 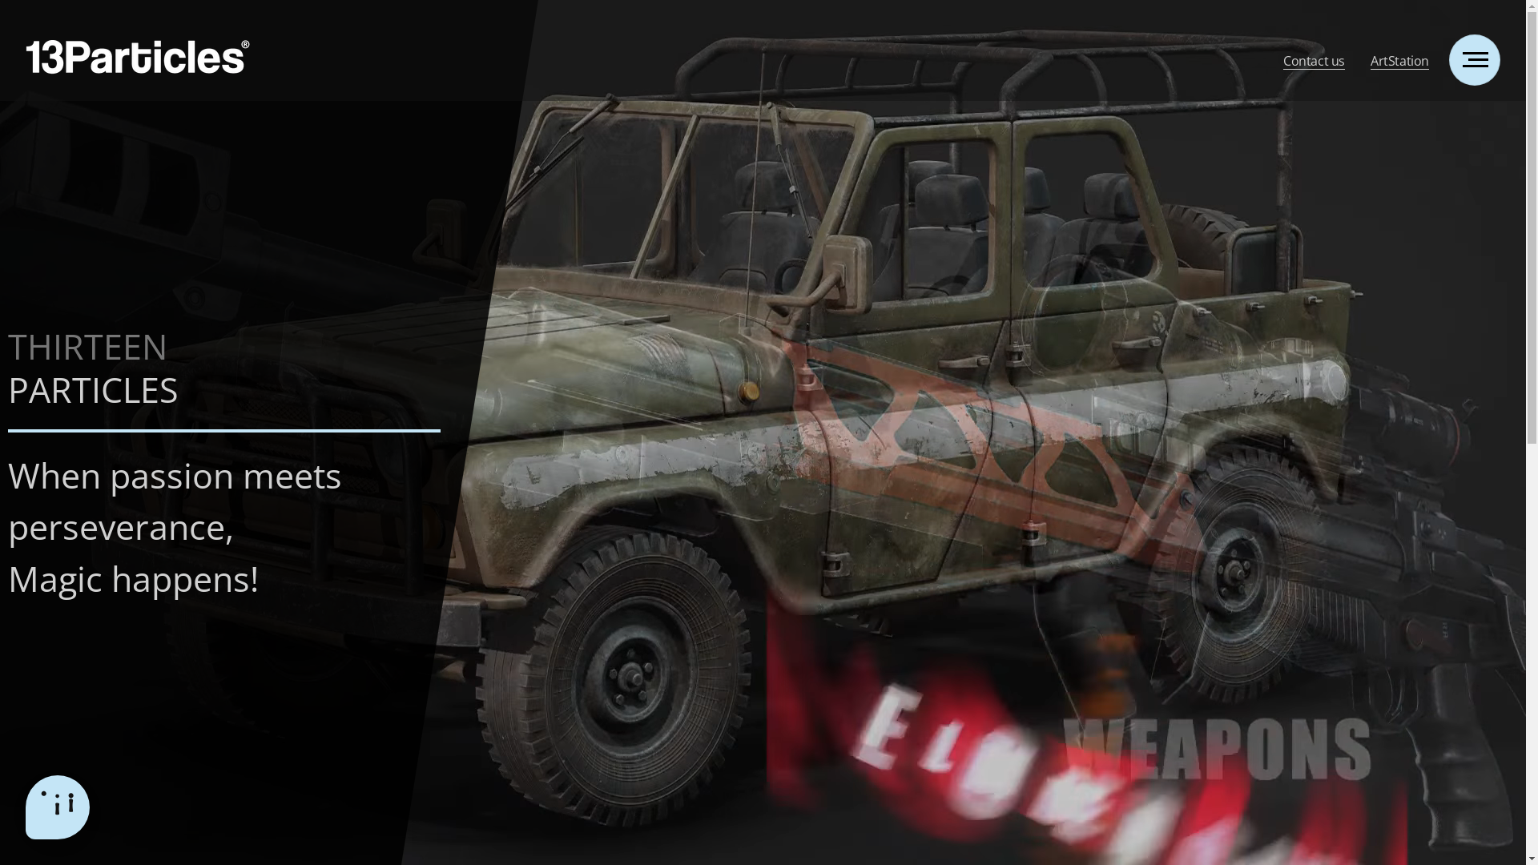 I want to click on 'Contact us', so click(x=1314, y=57).